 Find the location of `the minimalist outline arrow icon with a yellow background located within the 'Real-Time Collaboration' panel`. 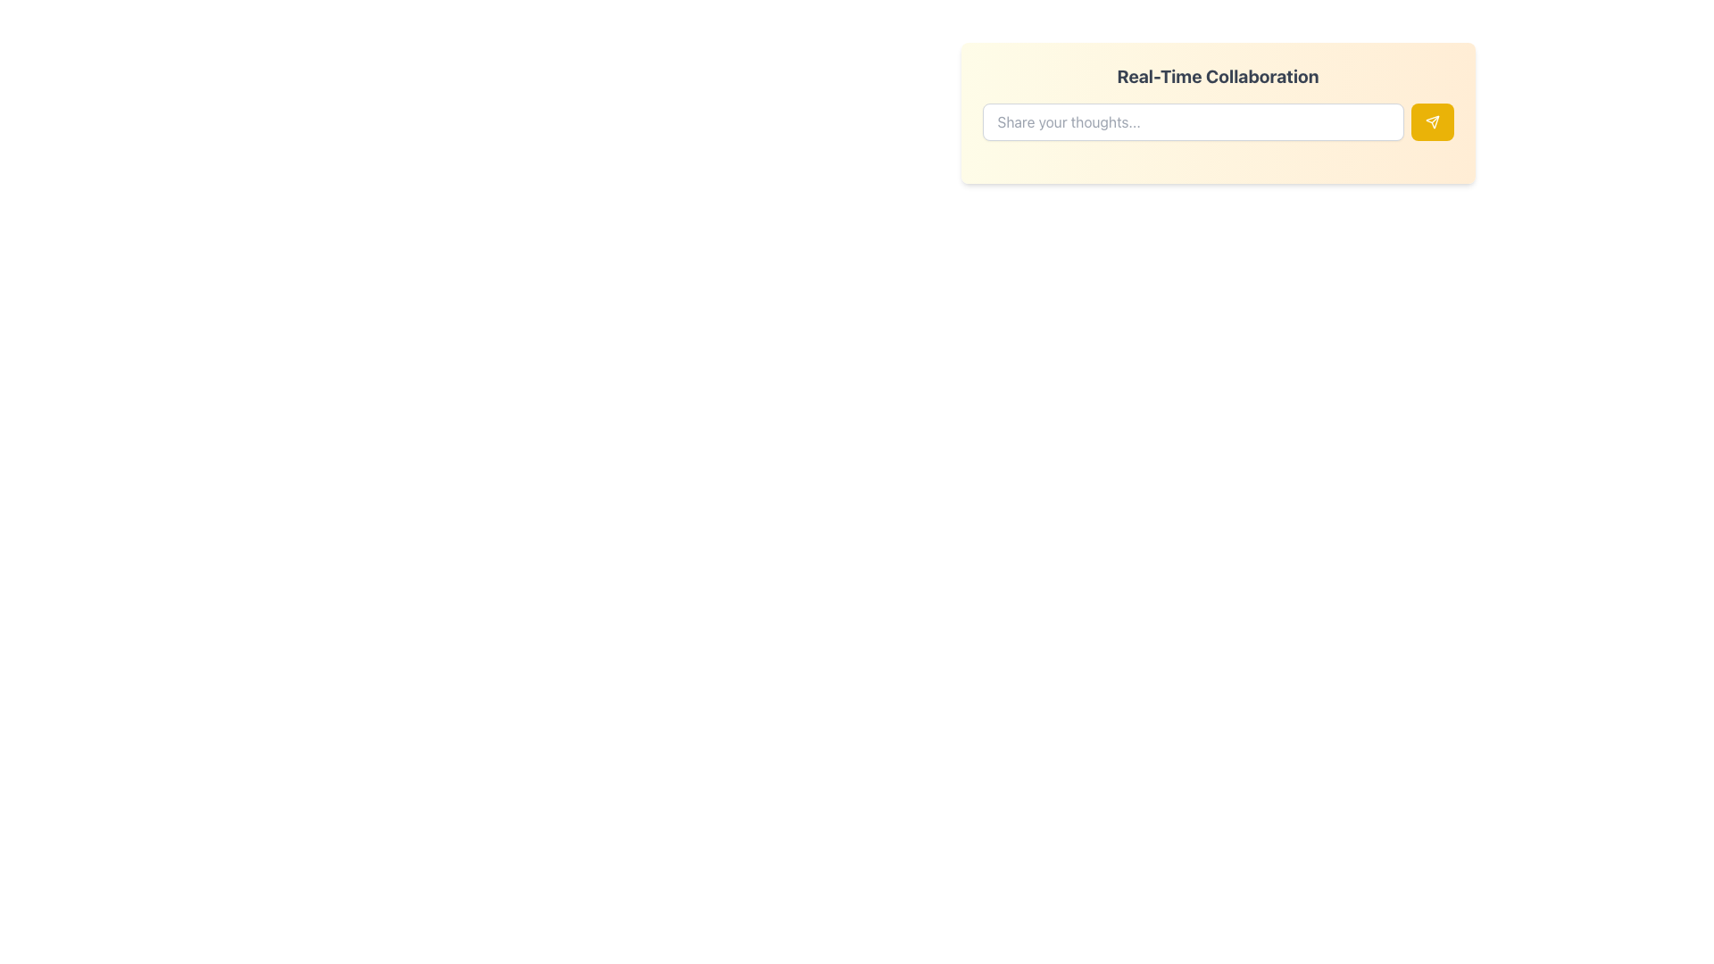

the minimalist outline arrow icon with a yellow background located within the 'Real-Time Collaboration' panel is located at coordinates (1432, 121).